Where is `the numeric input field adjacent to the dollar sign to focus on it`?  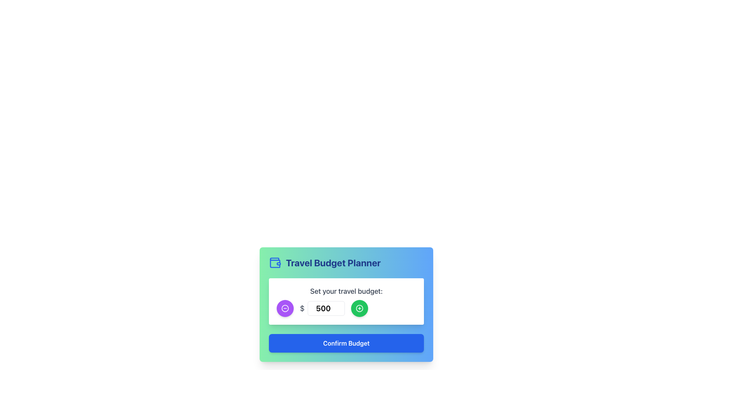
the numeric input field adjacent to the dollar sign to focus on it is located at coordinates (322, 308).